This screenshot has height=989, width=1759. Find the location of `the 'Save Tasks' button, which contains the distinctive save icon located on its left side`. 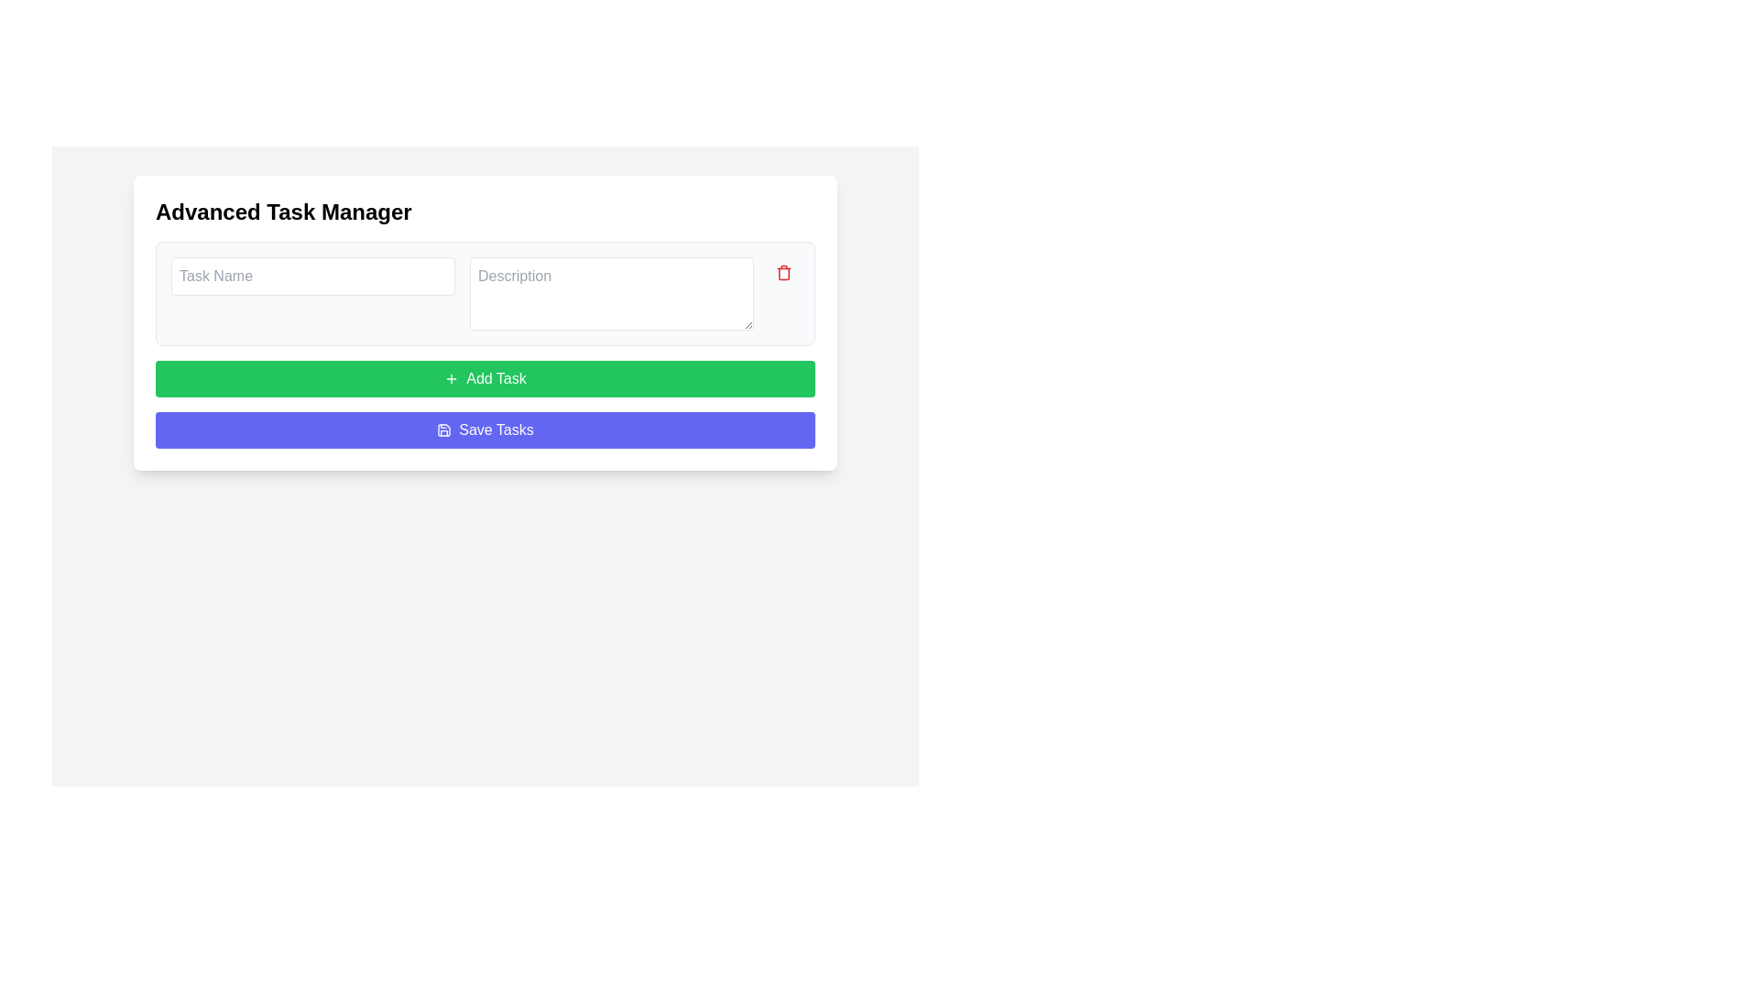

the 'Save Tasks' button, which contains the distinctive save icon located on its left side is located at coordinates (444, 430).